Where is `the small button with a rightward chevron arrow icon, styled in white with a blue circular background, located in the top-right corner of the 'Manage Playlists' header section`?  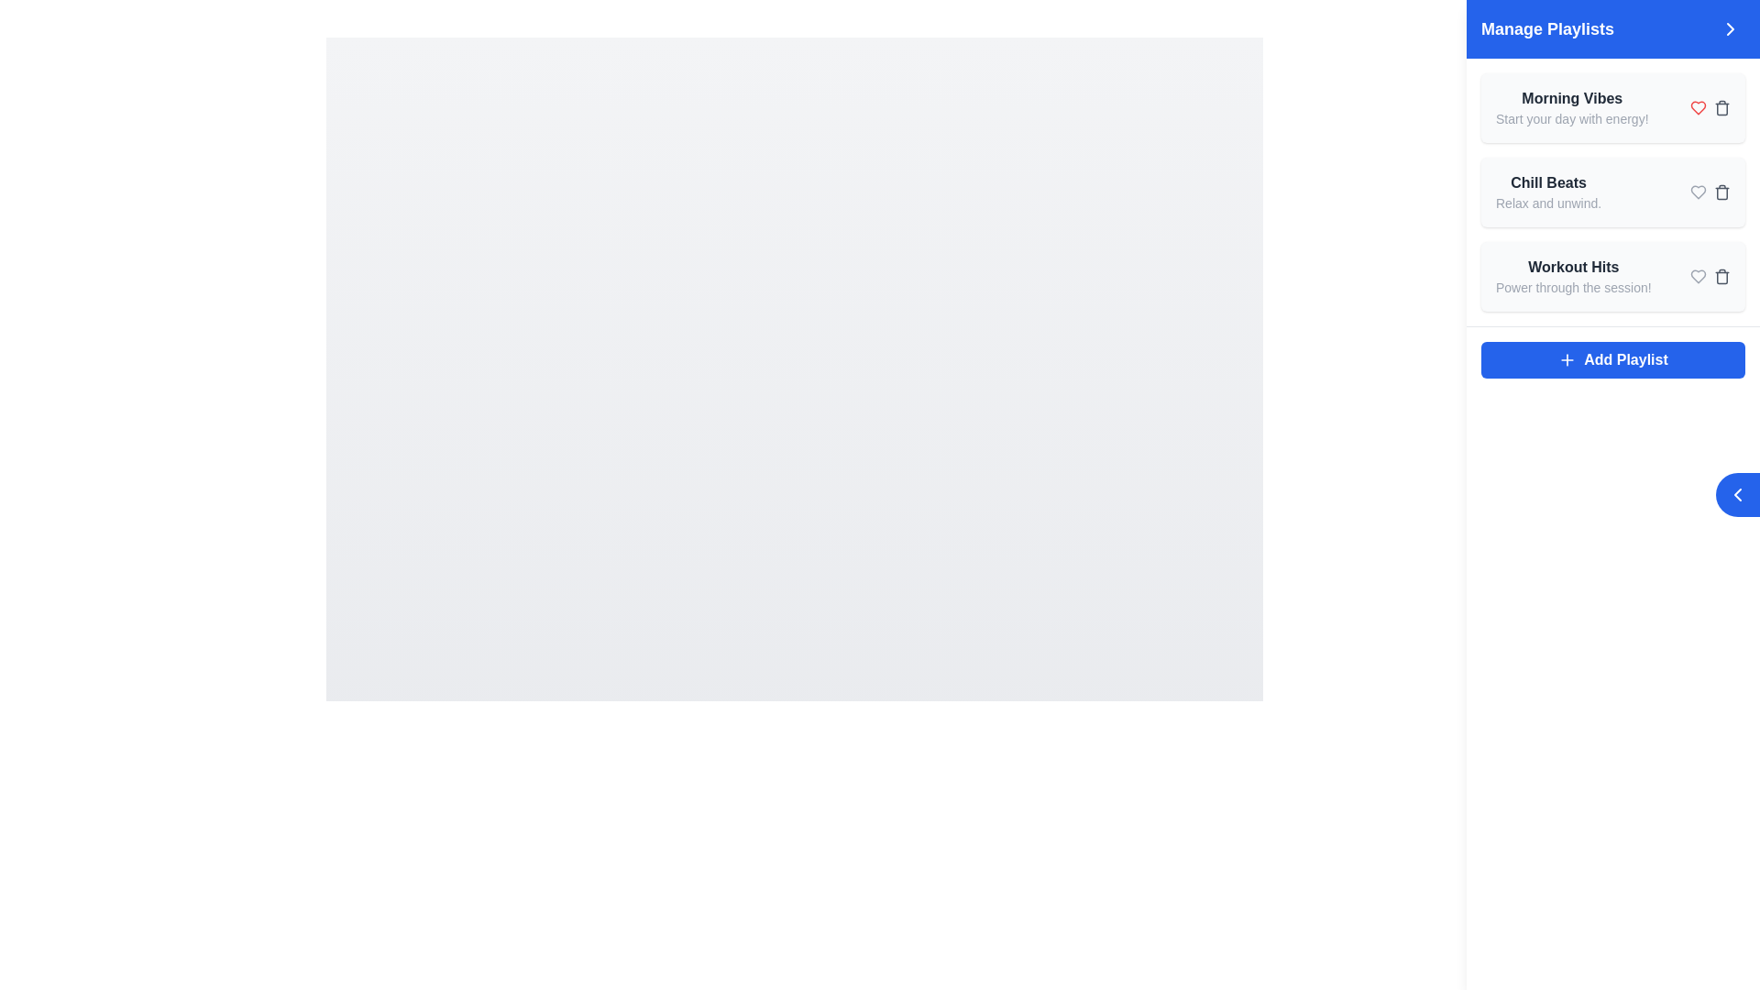 the small button with a rightward chevron arrow icon, styled in white with a blue circular background, located in the top-right corner of the 'Manage Playlists' header section is located at coordinates (1729, 28).